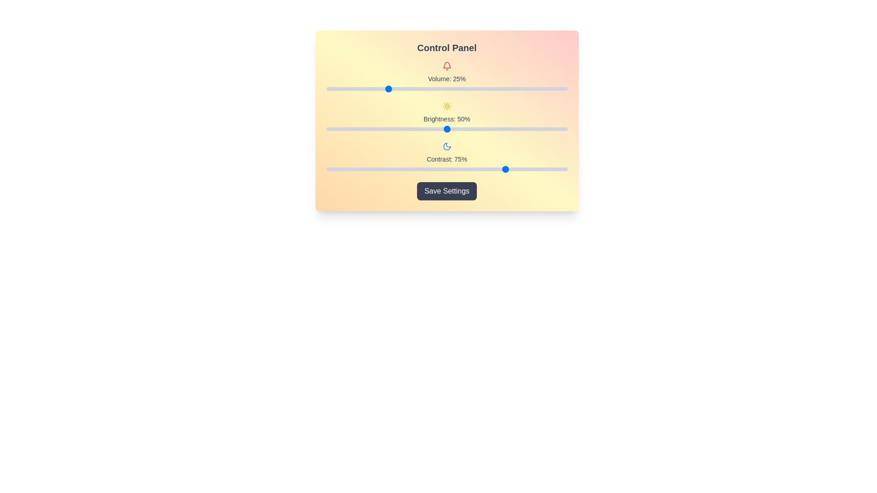  Describe the element at coordinates (469, 89) in the screenshot. I see `the volume` at that location.